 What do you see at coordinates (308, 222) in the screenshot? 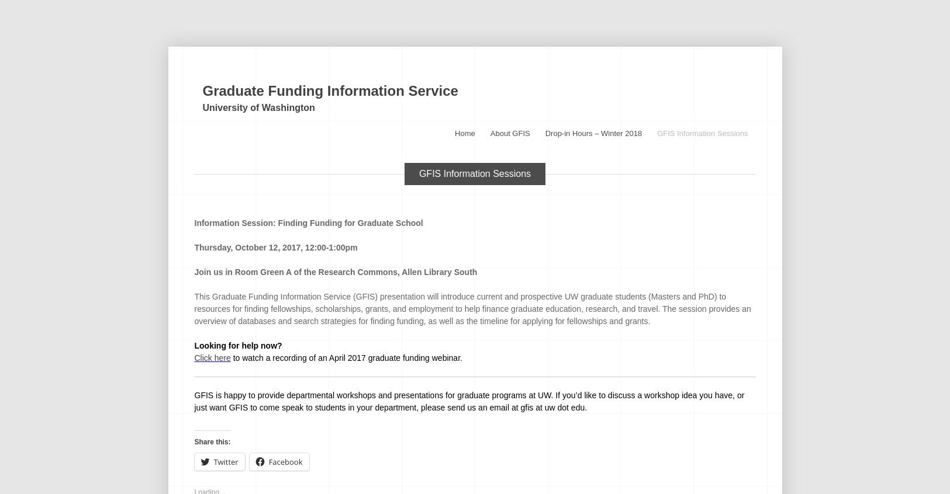
I see `'Information Session: Finding Funding for Graduate School'` at bounding box center [308, 222].